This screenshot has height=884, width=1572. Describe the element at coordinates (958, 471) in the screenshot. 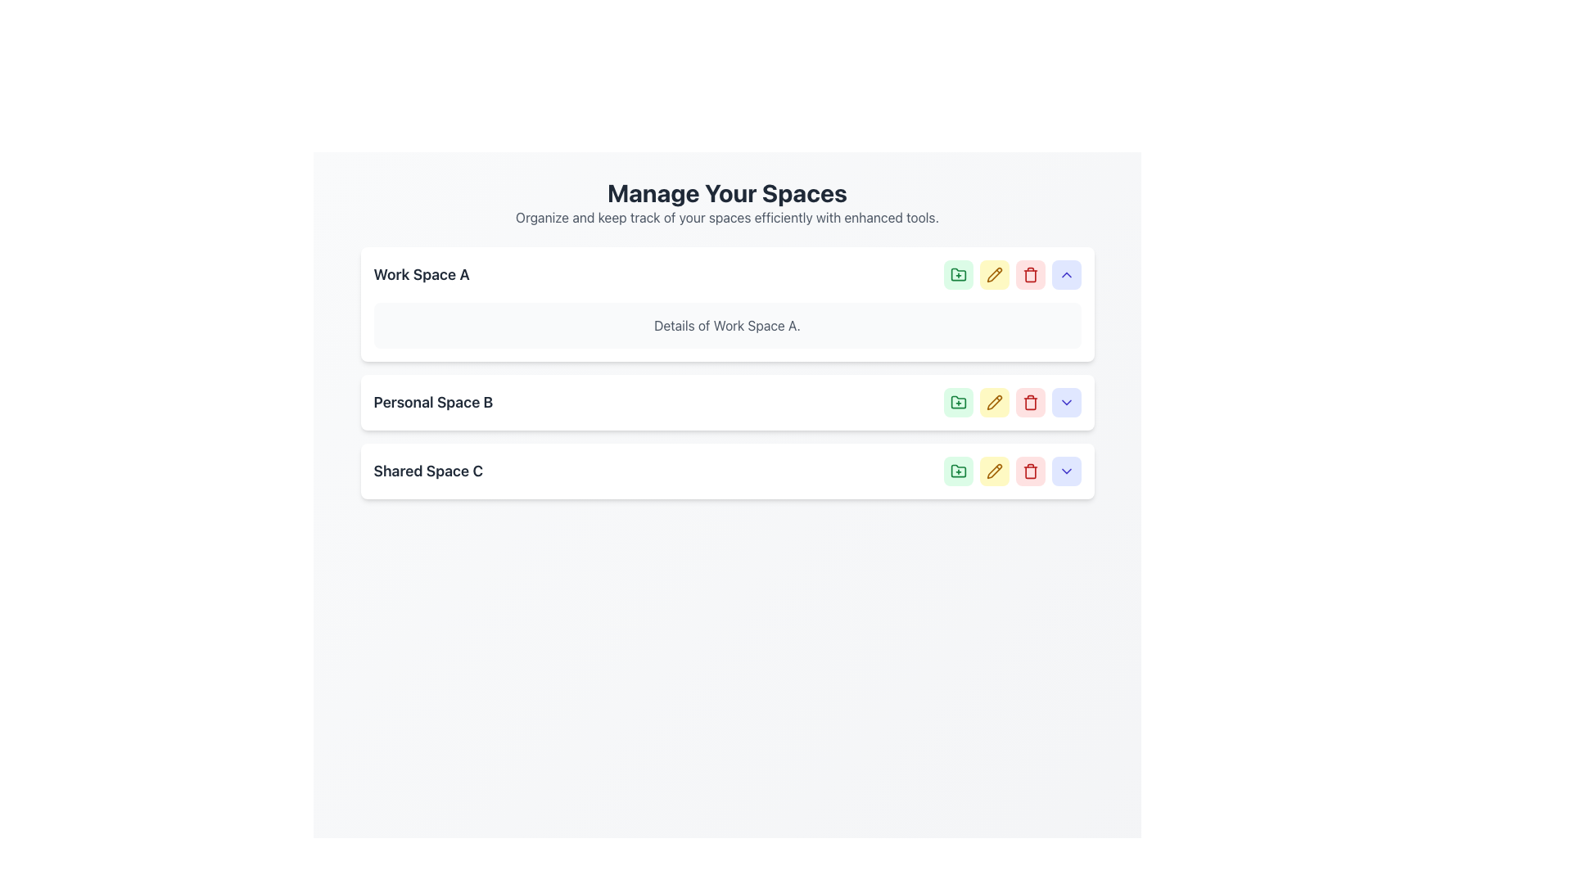

I see `the leftmost icon button resembling a folder with a plus sign in the control section of 'Shared Space C'` at that location.